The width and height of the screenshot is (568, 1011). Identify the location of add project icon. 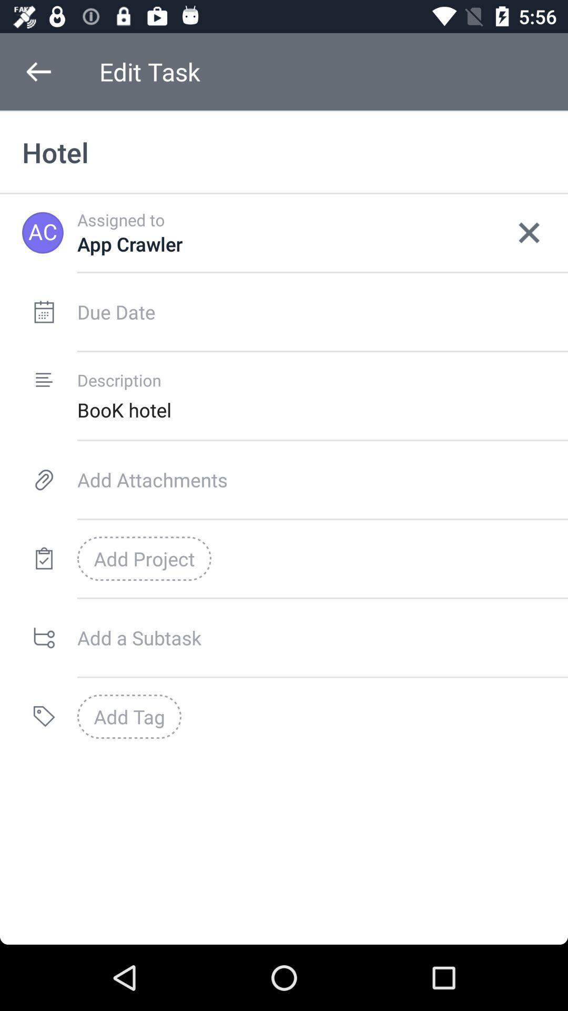
(144, 558).